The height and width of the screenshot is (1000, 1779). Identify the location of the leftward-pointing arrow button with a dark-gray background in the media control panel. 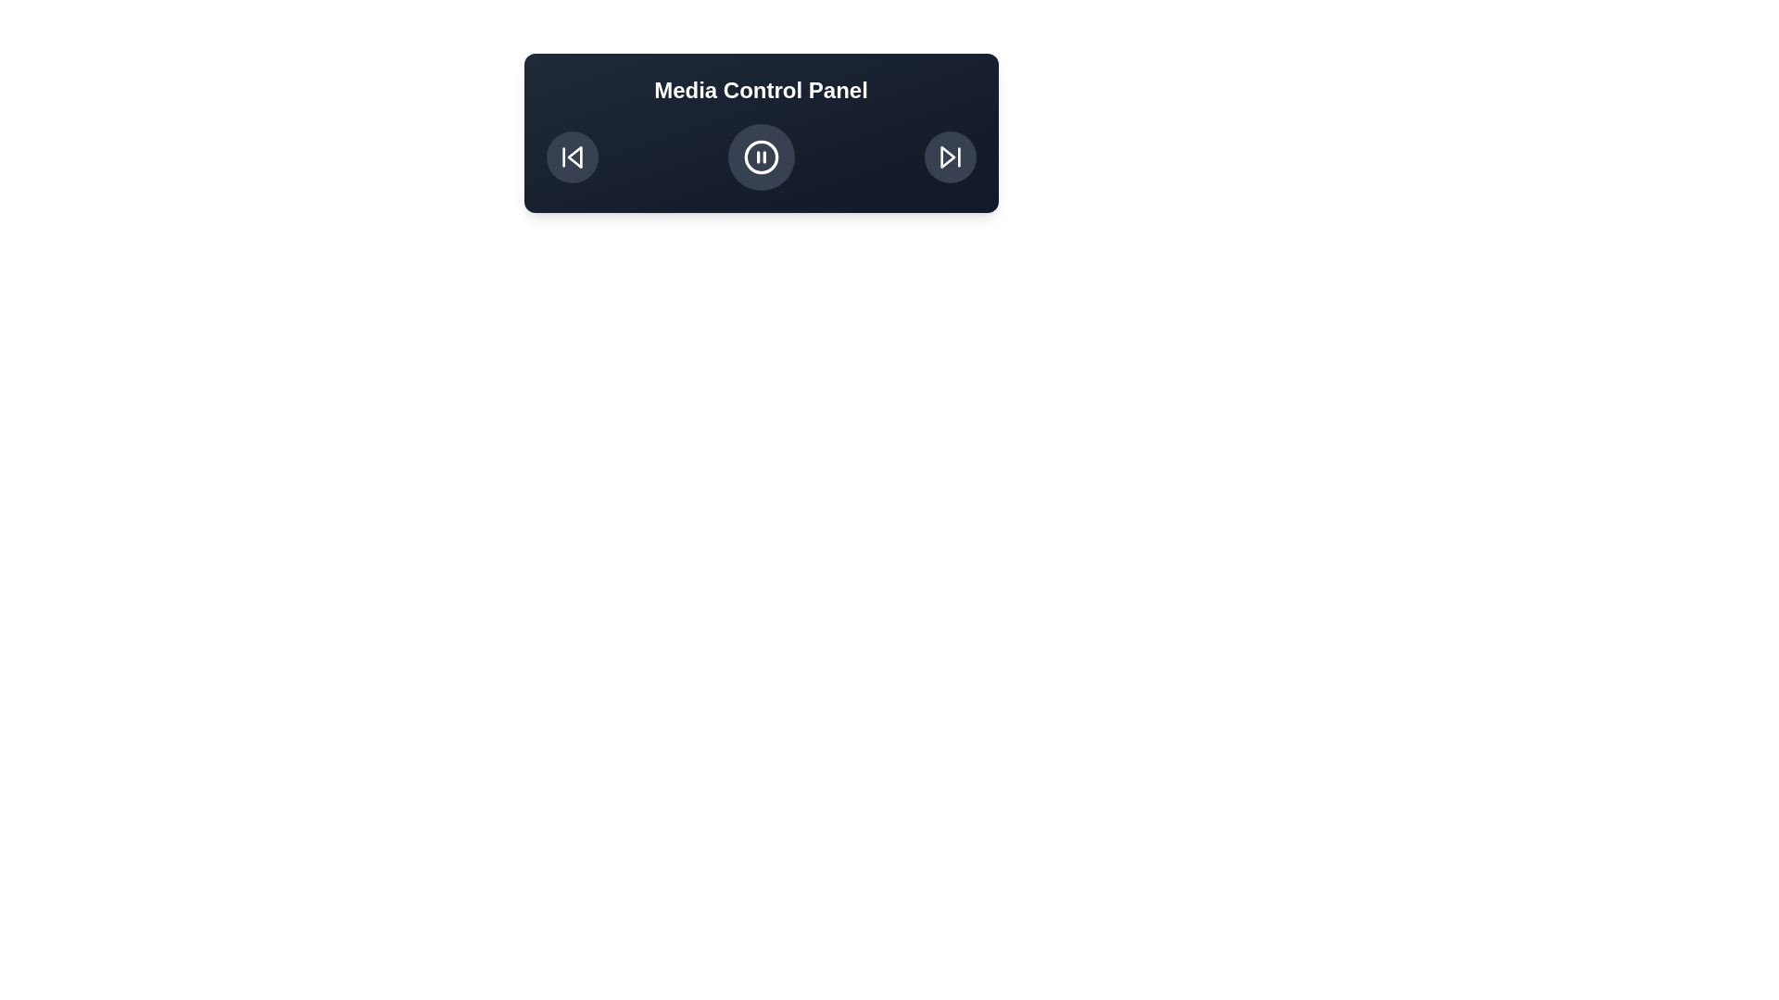
(571, 156).